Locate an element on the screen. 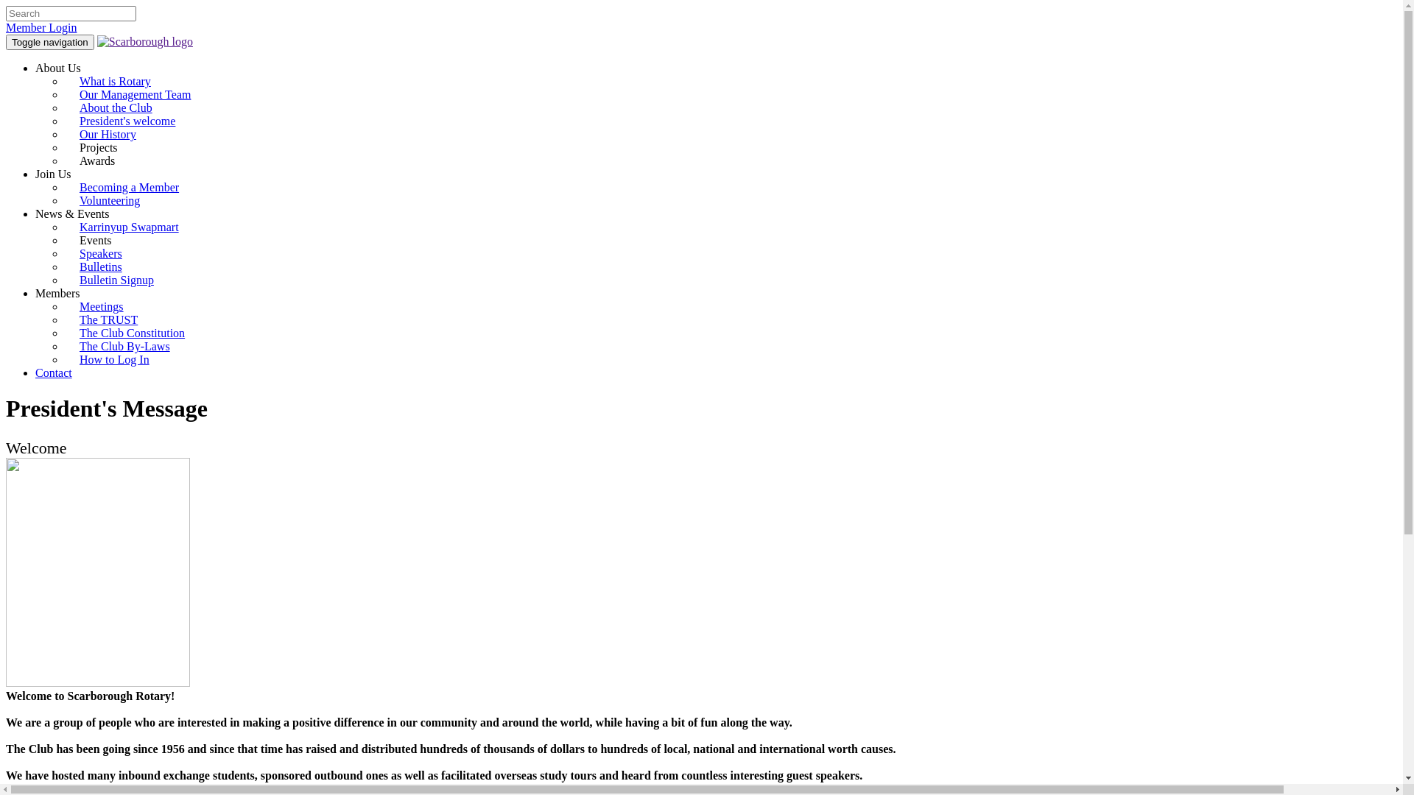 The width and height of the screenshot is (1414, 795). 'The TRUST' is located at coordinates (108, 319).